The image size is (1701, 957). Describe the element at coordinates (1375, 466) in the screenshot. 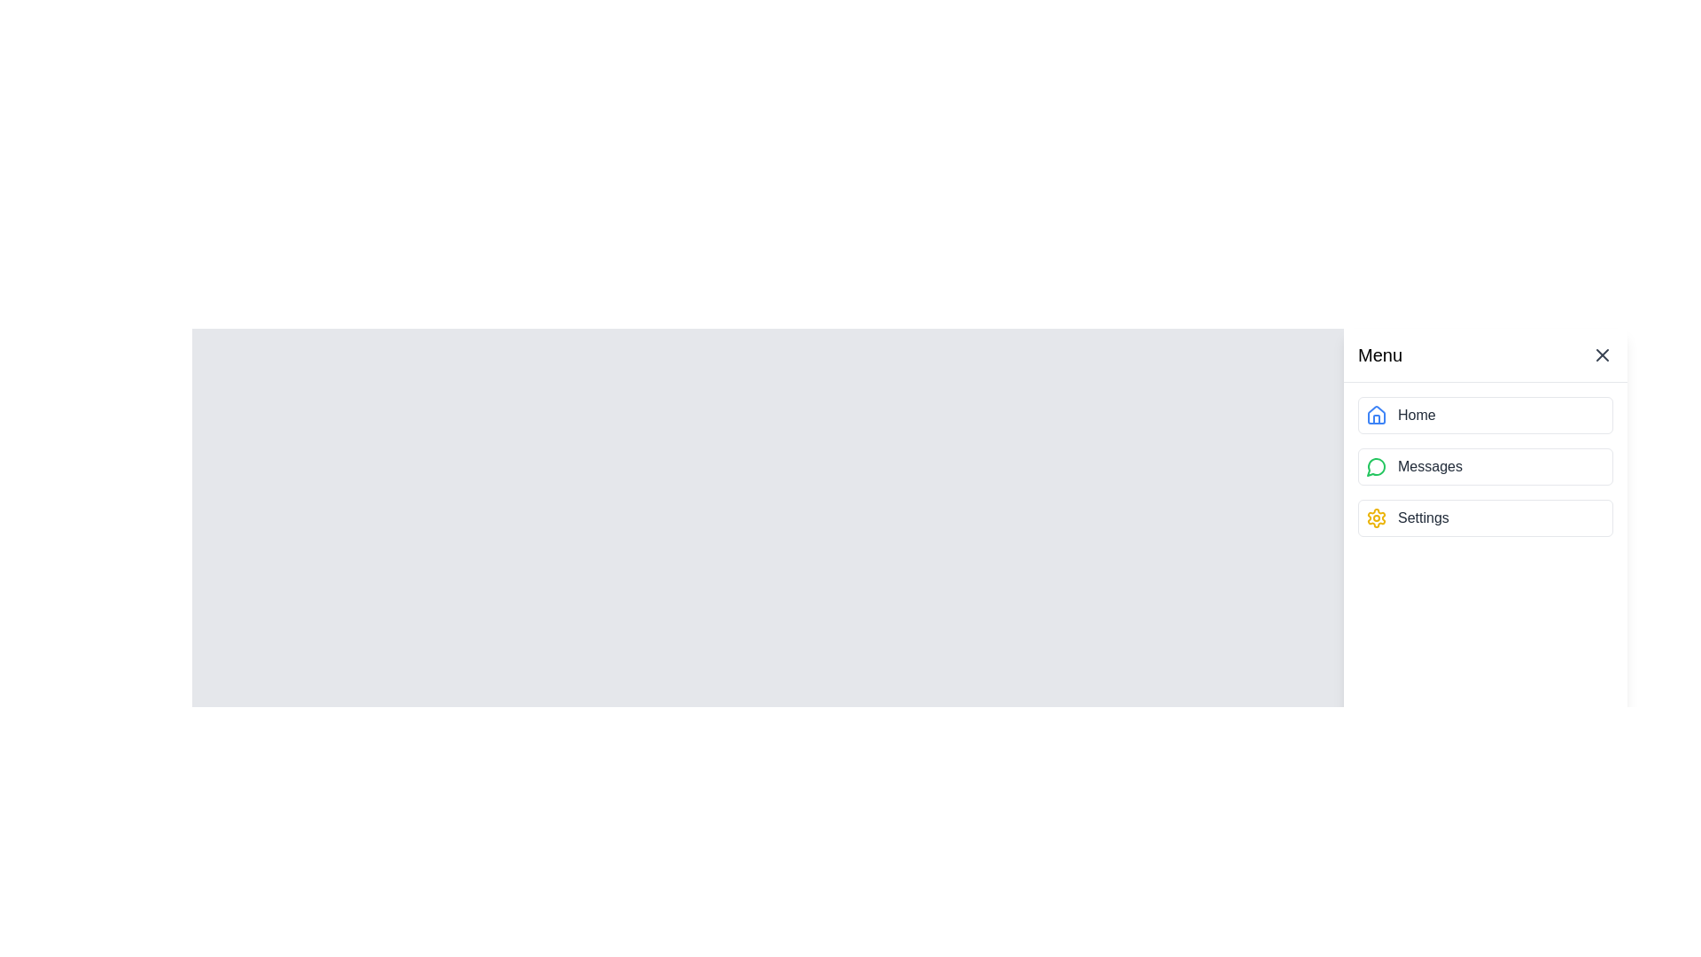

I see `the decorative icon representing the 'Messages' menu option located in the vertical navigation menu, situated between the 'Home' and 'Settings' items` at that location.